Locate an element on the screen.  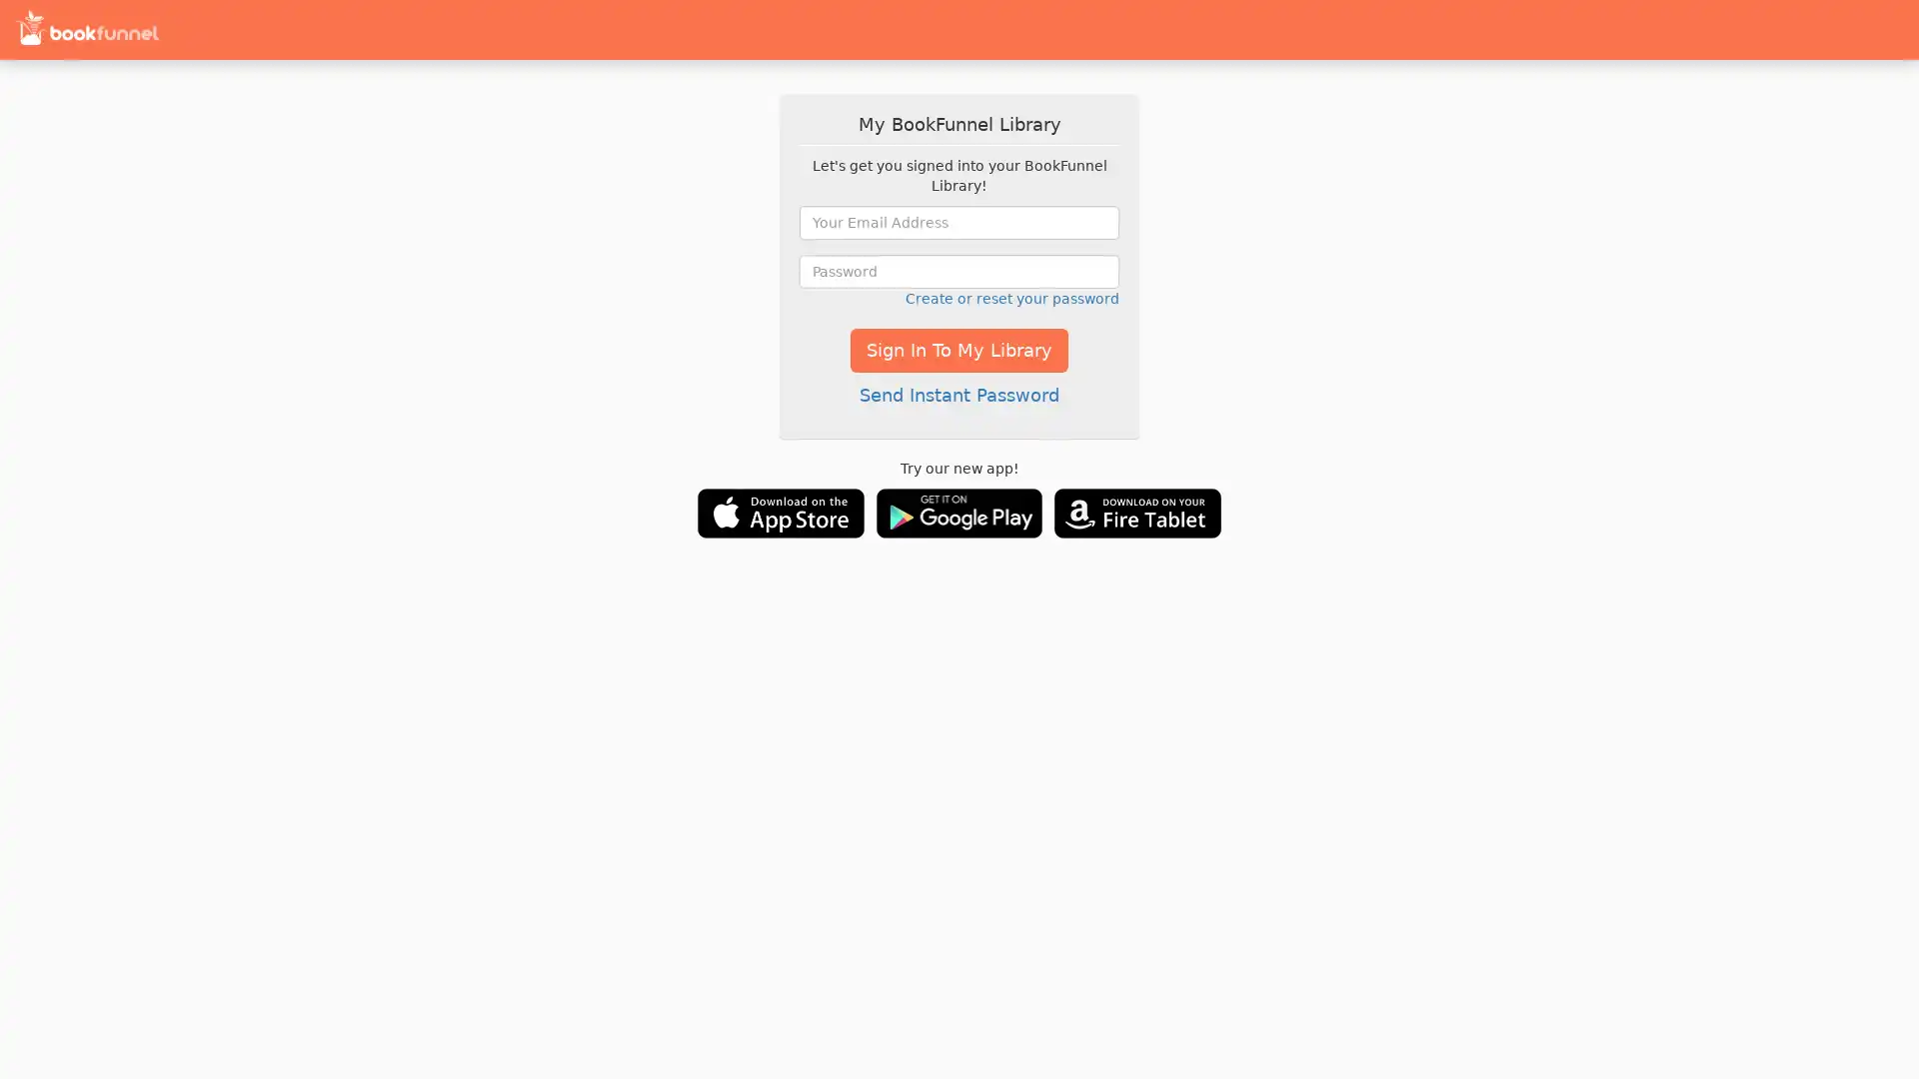
Sign In To My Library is located at coordinates (959, 349).